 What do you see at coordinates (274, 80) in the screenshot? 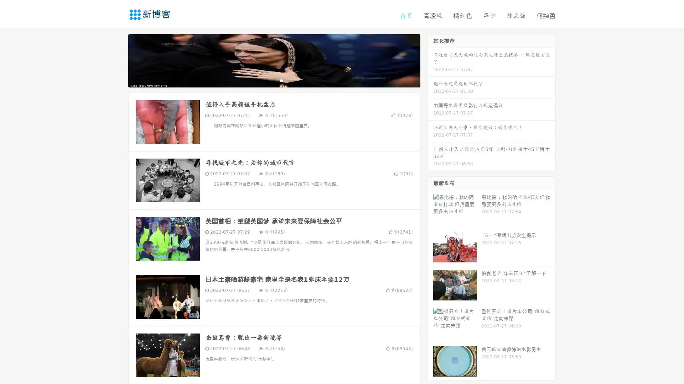
I see `Go to slide 2` at bounding box center [274, 80].